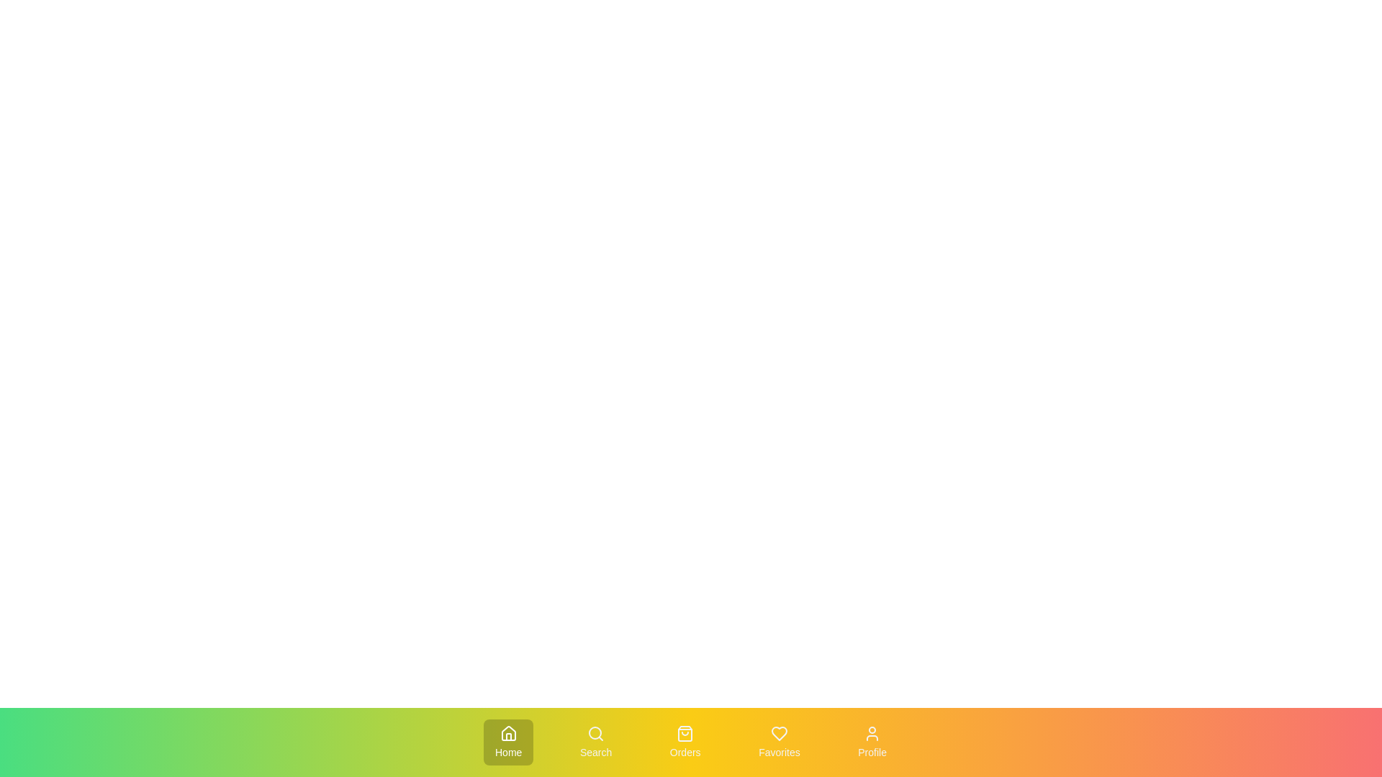 This screenshot has height=777, width=1382. Describe the element at coordinates (871, 742) in the screenshot. I see `the Profile tab to activate it` at that location.